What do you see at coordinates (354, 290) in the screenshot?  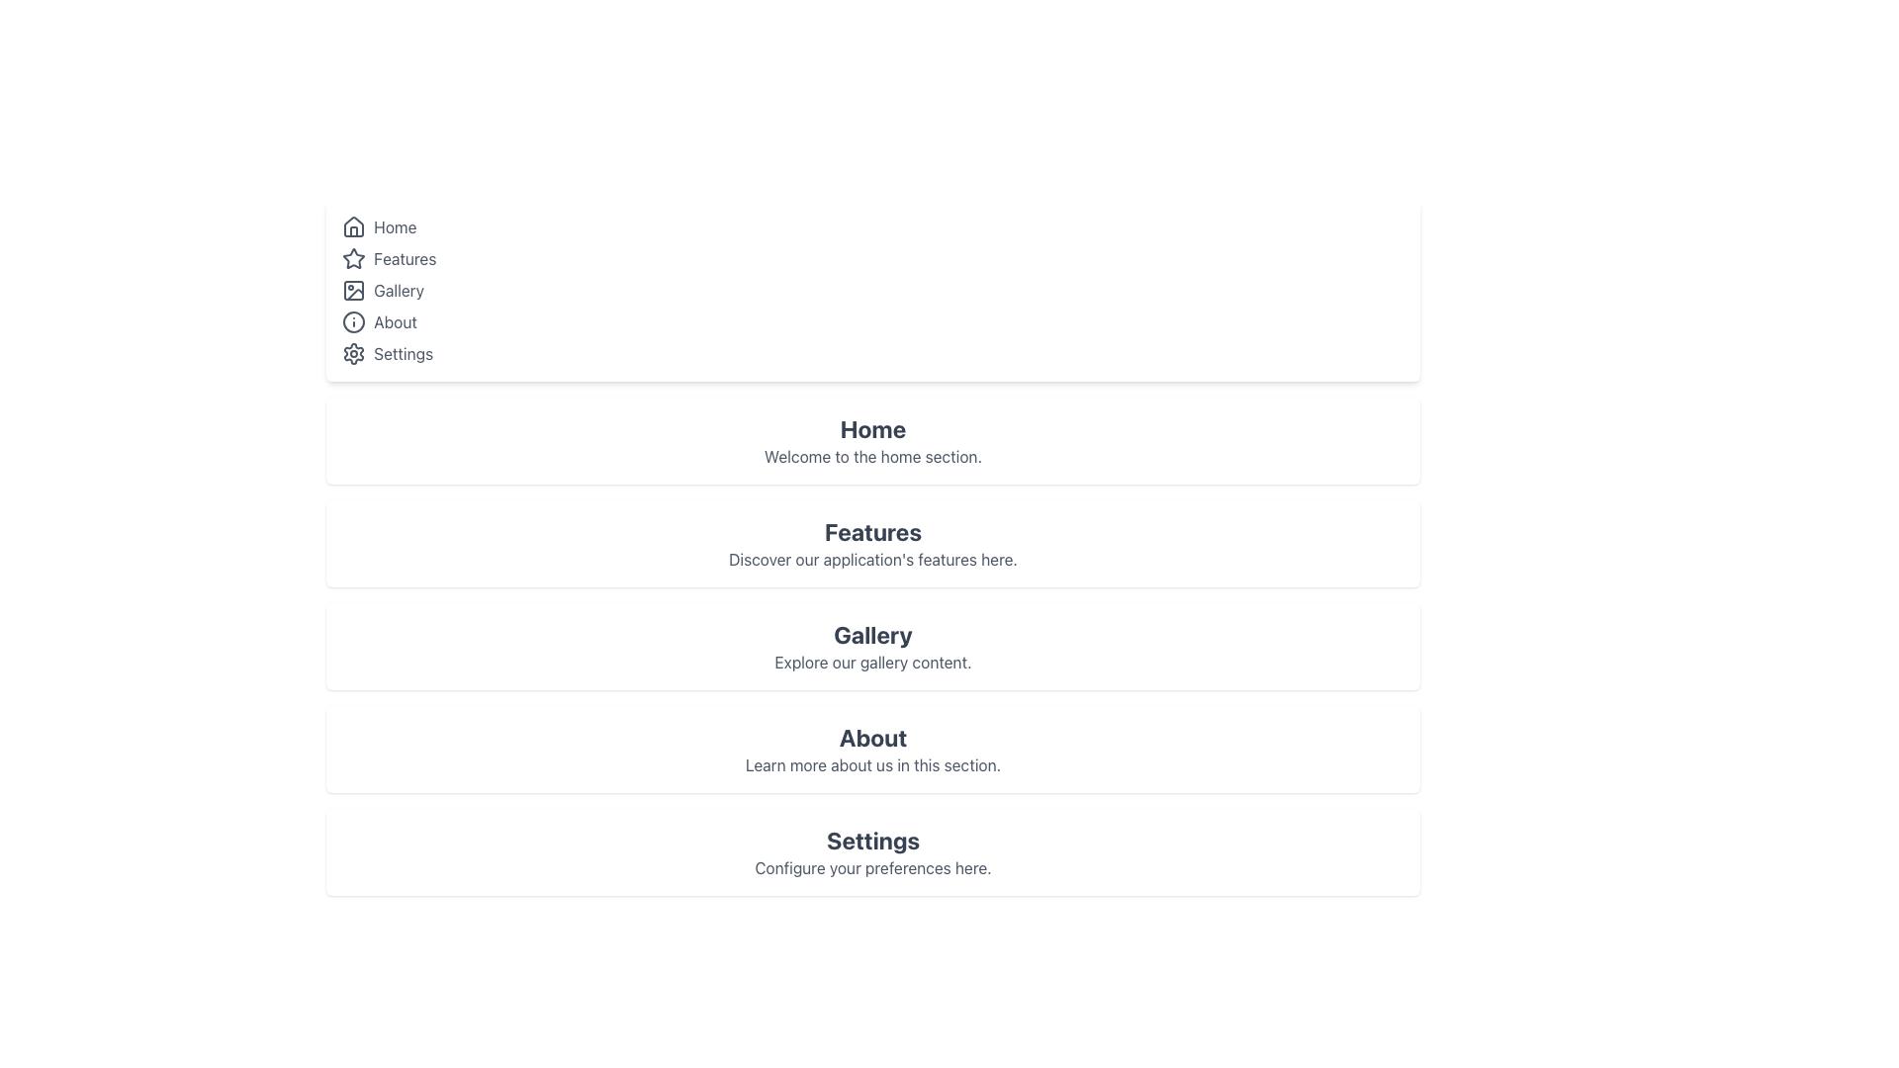 I see `the icon next to the text 'Gallery' in the vertical navigation menu, which is styled as an image with a rounded border and inner graphical elements like a circle and a diagonal line` at bounding box center [354, 290].